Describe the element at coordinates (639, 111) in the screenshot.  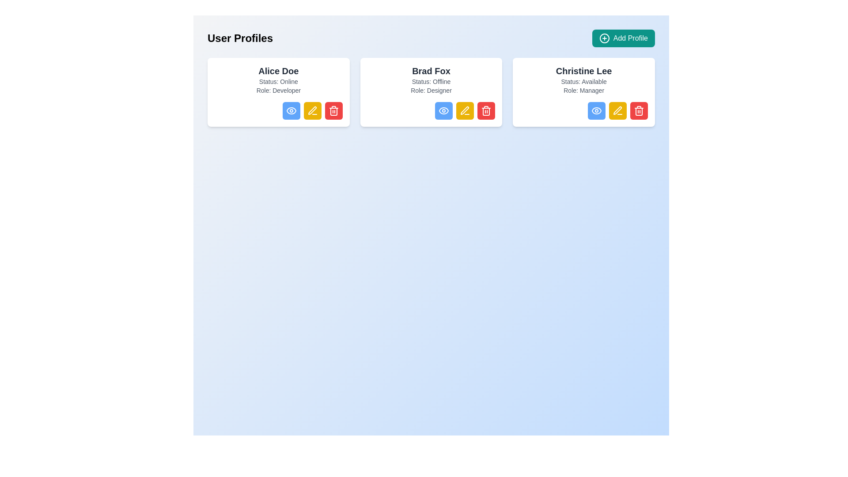
I see `the trash can icon button for deleting the user profile associated with 'Christine Lee'` at that location.